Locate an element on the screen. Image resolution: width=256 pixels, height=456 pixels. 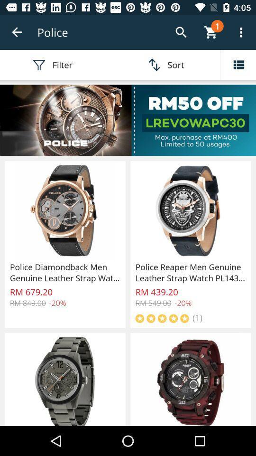
the list icon is located at coordinates (238, 64).